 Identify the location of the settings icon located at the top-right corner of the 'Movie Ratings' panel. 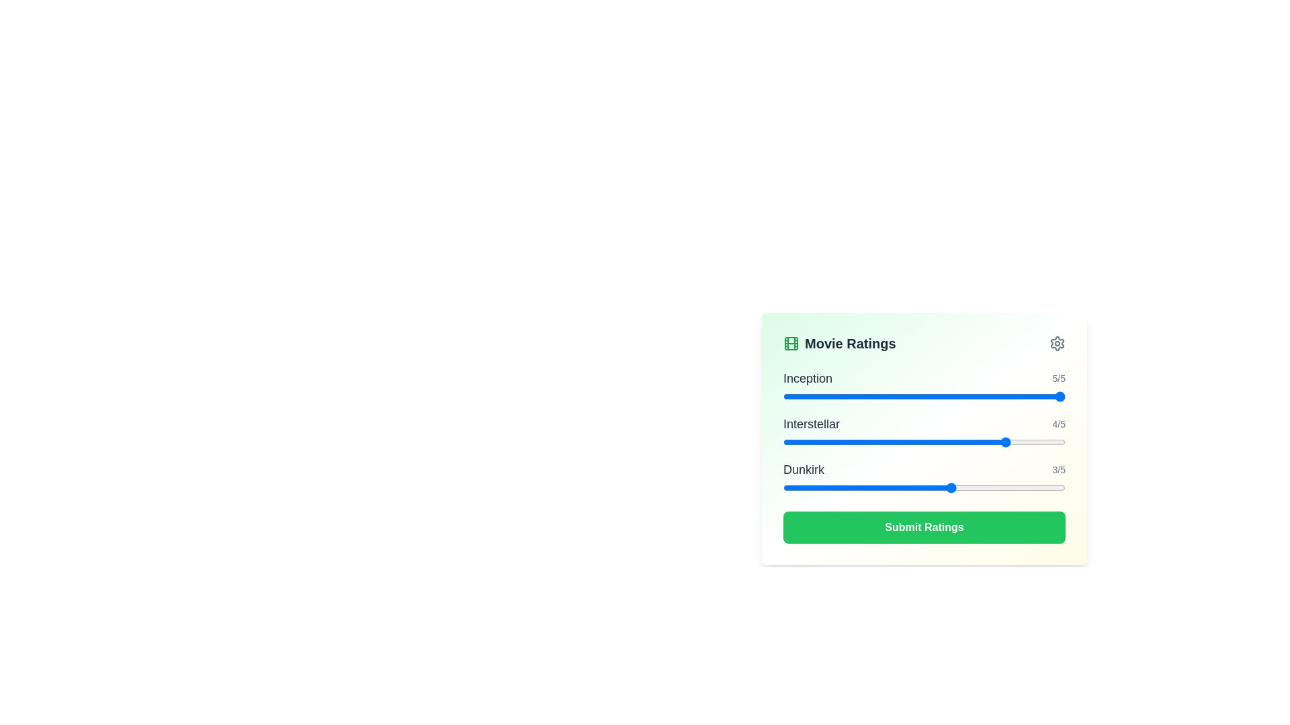
(1057, 343).